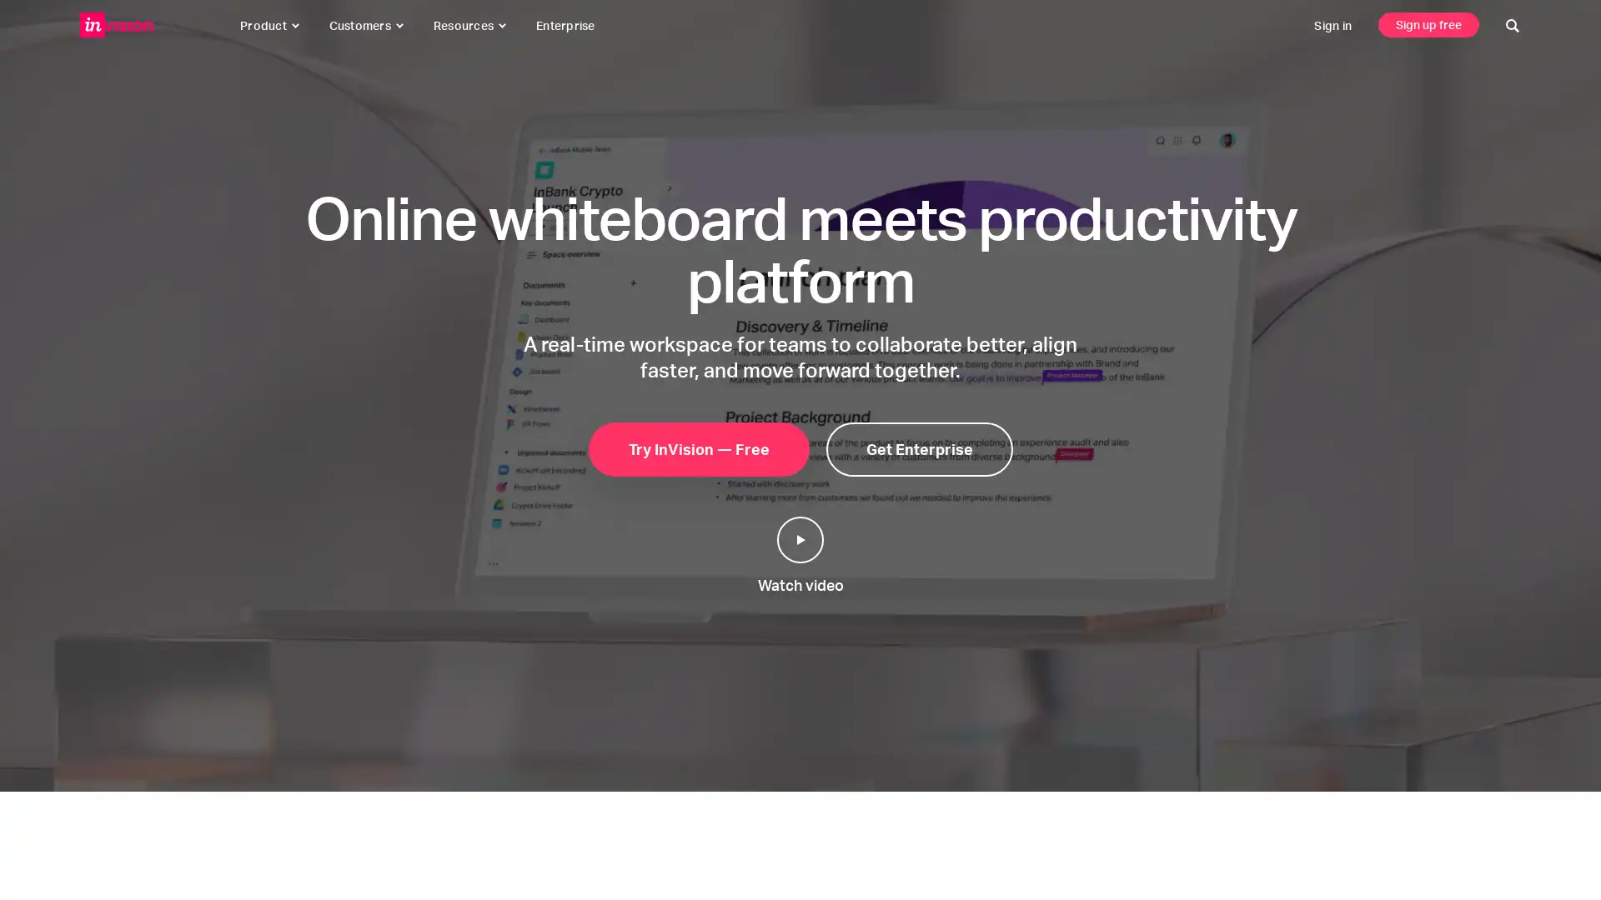  What do you see at coordinates (800, 539) in the screenshot?
I see `play` at bounding box center [800, 539].